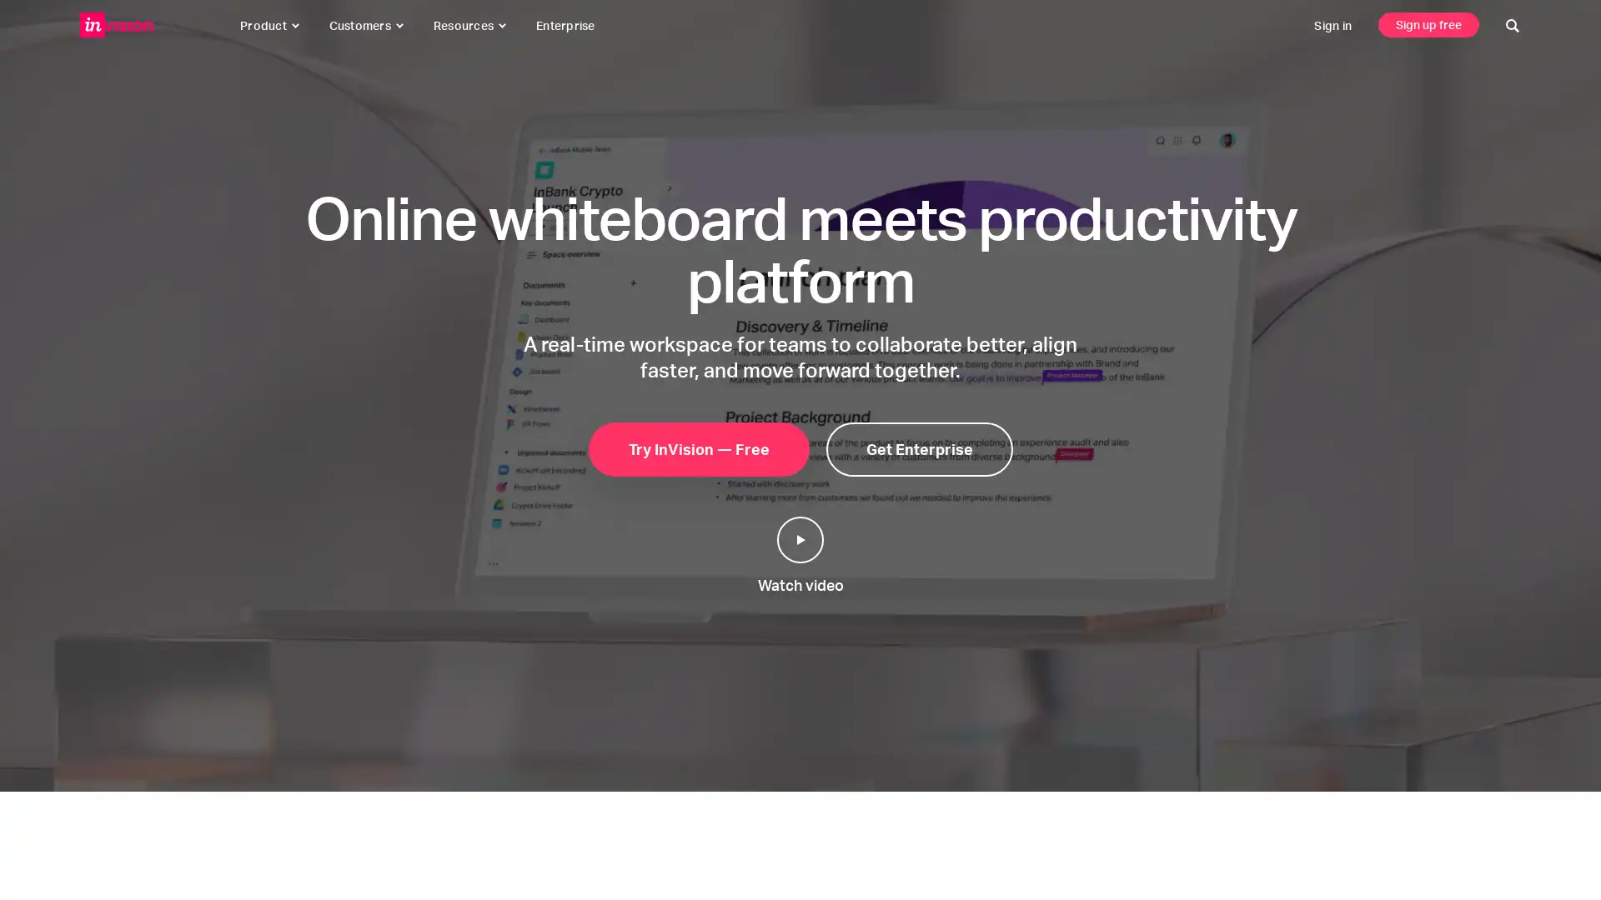  What do you see at coordinates (800, 539) in the screenshot?
I see `play` at bounding box center [800, 539].